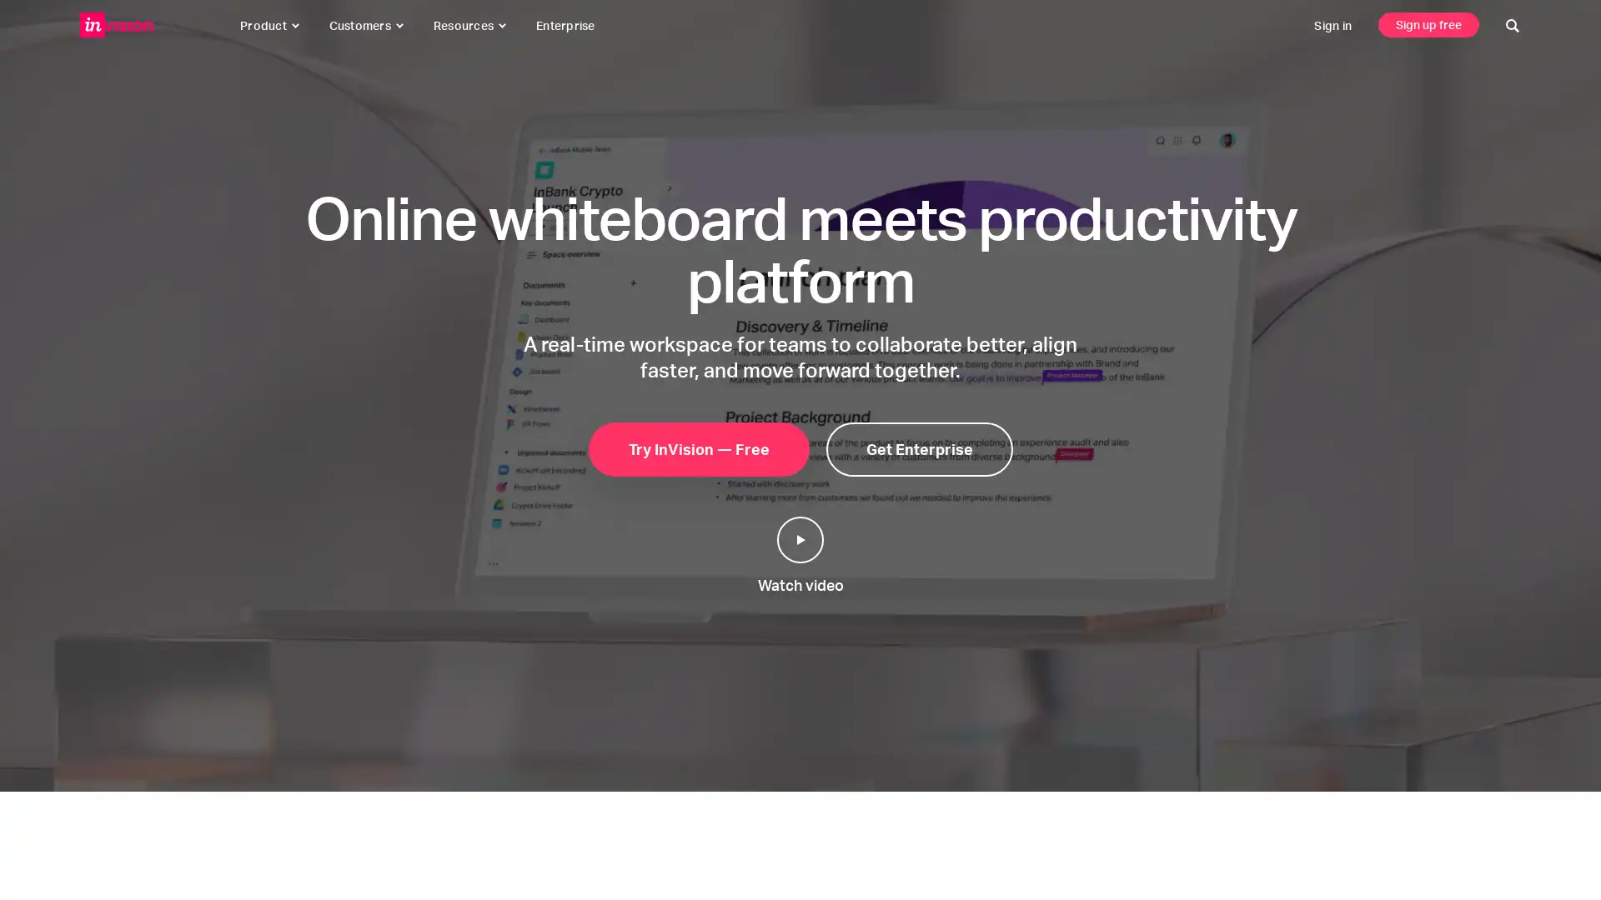  What do you see at coordinates (800, 539) in the screenshot?
I see `play` at bounding box center [800, 539].